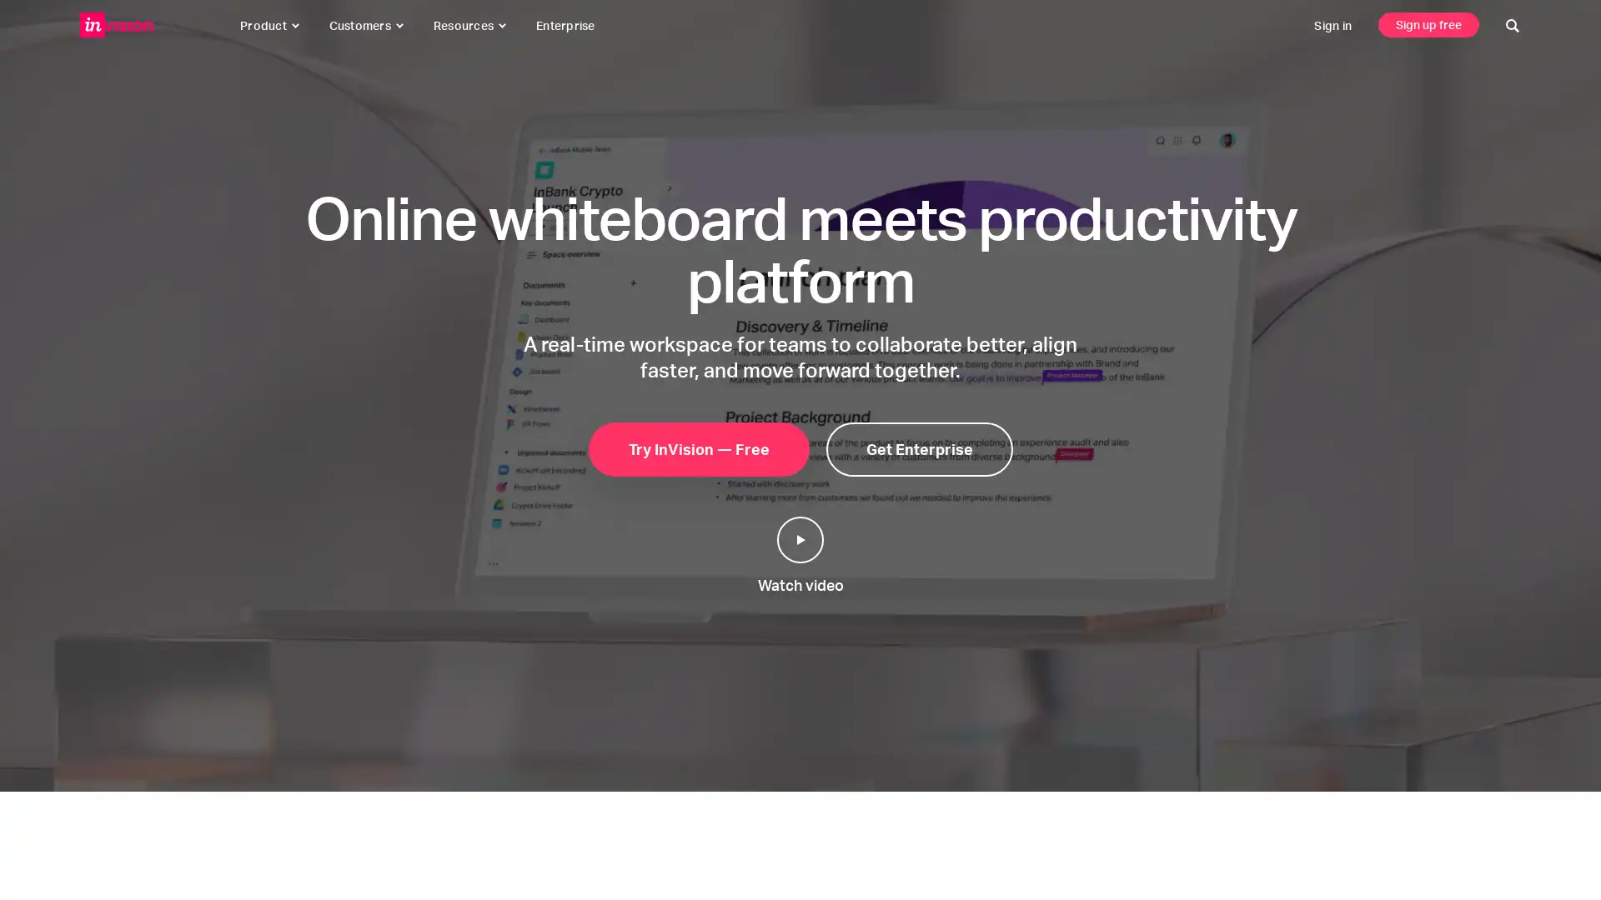  What do you see at coordinates (800, 539) in the screenshot?
I see `play` at bounding box center [800, 539].